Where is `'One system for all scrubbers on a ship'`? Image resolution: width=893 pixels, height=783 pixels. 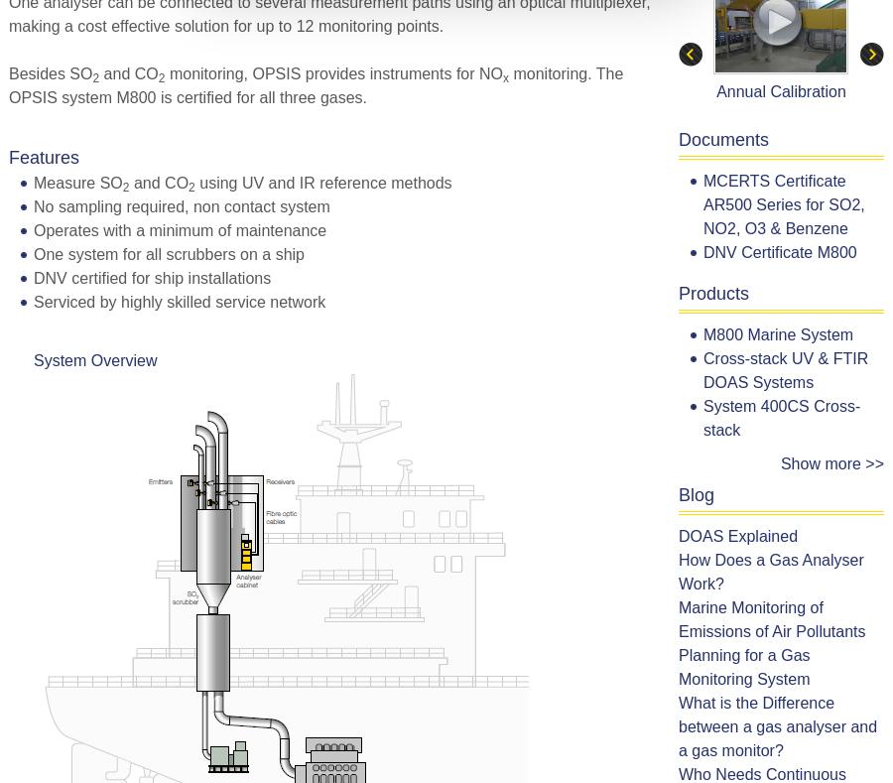
'One system for all scrubbers on a ship' is located at coordinates (169, 253).